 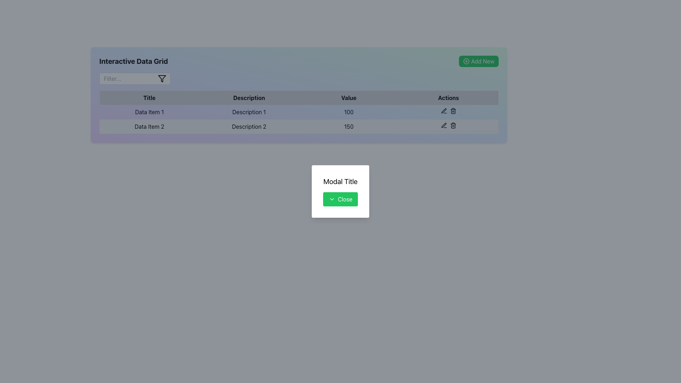 What do you see at coordinates (443, 125) in the screenshot?
I see `the edit button in the second column of the 'Actions' section of the table` at bounding box center [443, 125].